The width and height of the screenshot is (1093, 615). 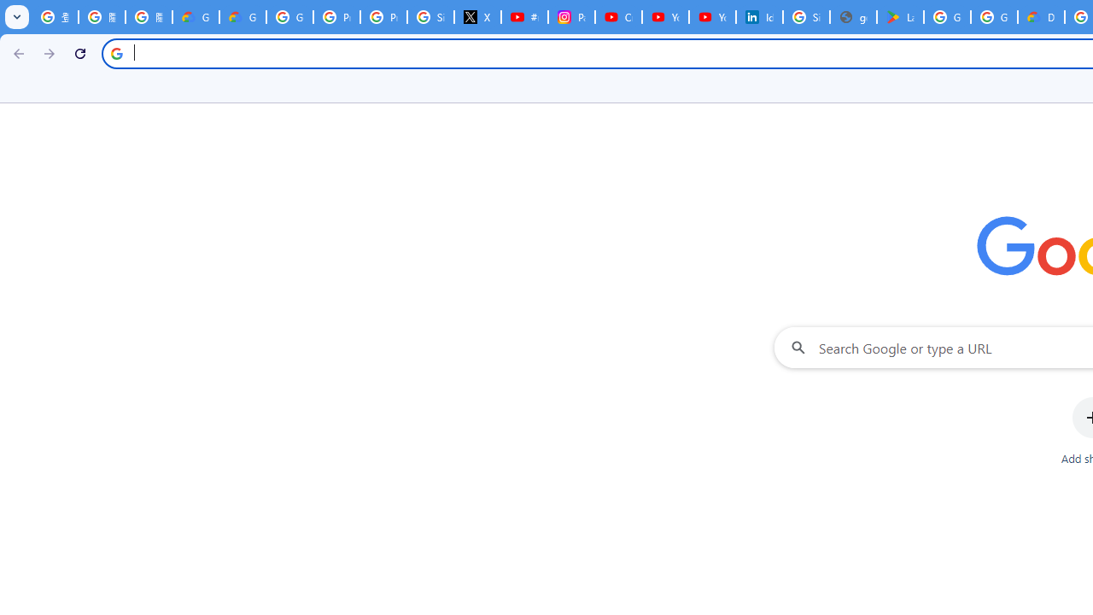 I want to click on 'X', so click(x=478, y=17).